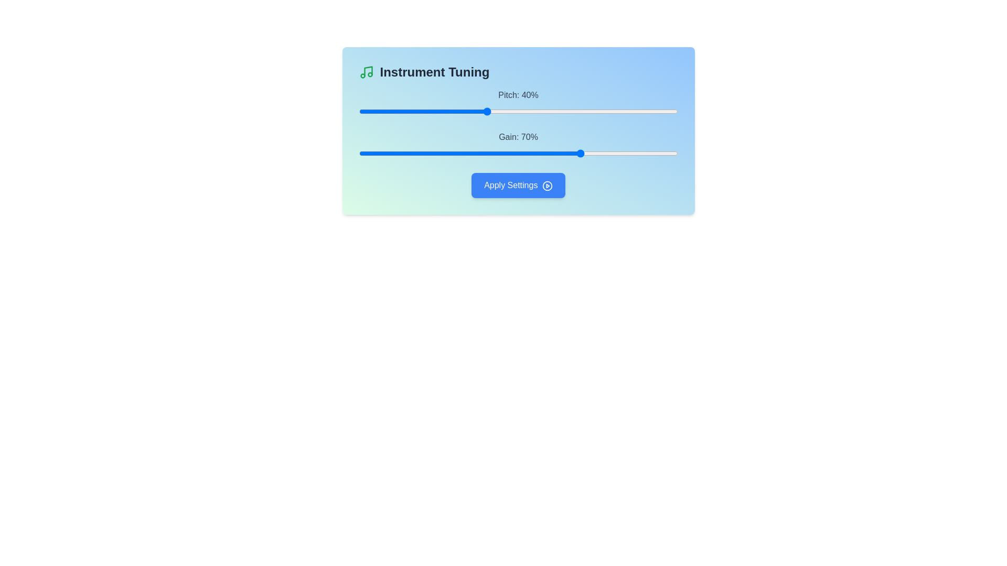  I want to click on the pitch slider to set its value to 72, so click(588, 111).